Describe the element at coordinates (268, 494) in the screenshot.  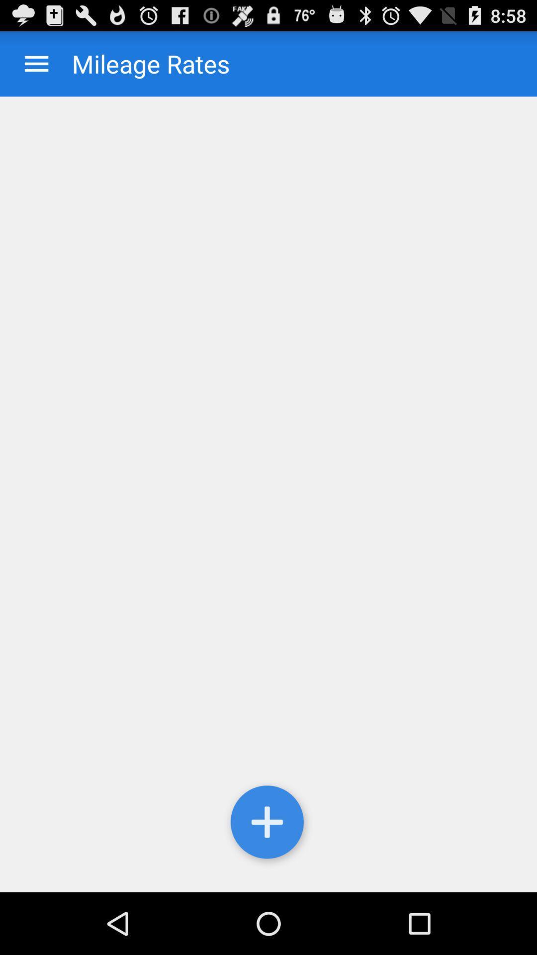
I see `the item at the center` at that location.